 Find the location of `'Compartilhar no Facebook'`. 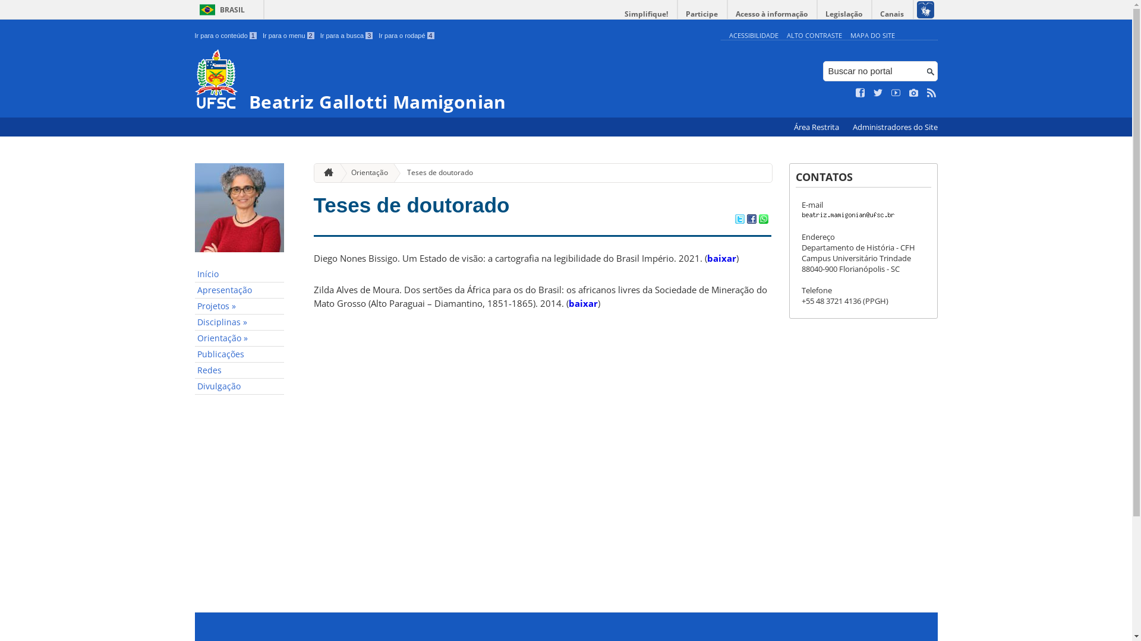

'Compartilhar no Facebook' is located at coordinates (750, 220).